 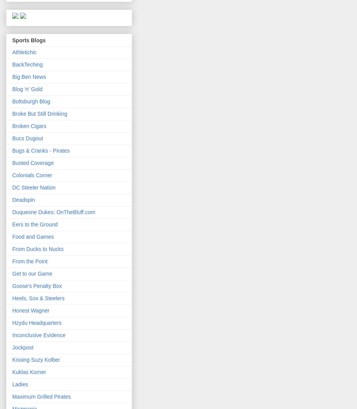 What do you see at coordinates (35, 224) in the screenshot?
I see `'Eers to the Ground'` at bounding box center [35, 224].